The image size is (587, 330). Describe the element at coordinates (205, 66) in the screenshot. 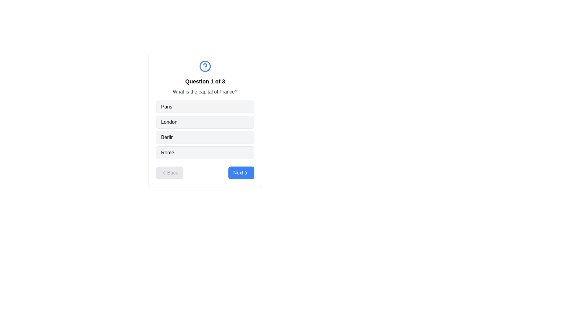

I see `the information icon located at the top of the question card layout, above the text 'Question 1 of 3'` at that location.